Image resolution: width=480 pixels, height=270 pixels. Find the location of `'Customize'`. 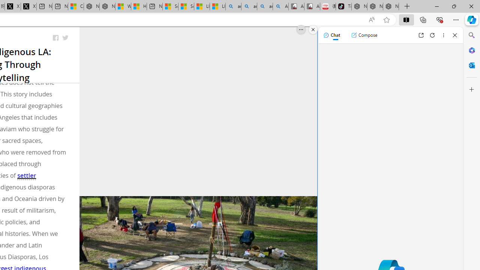

'Customize' is located at coordinates (471, 89).